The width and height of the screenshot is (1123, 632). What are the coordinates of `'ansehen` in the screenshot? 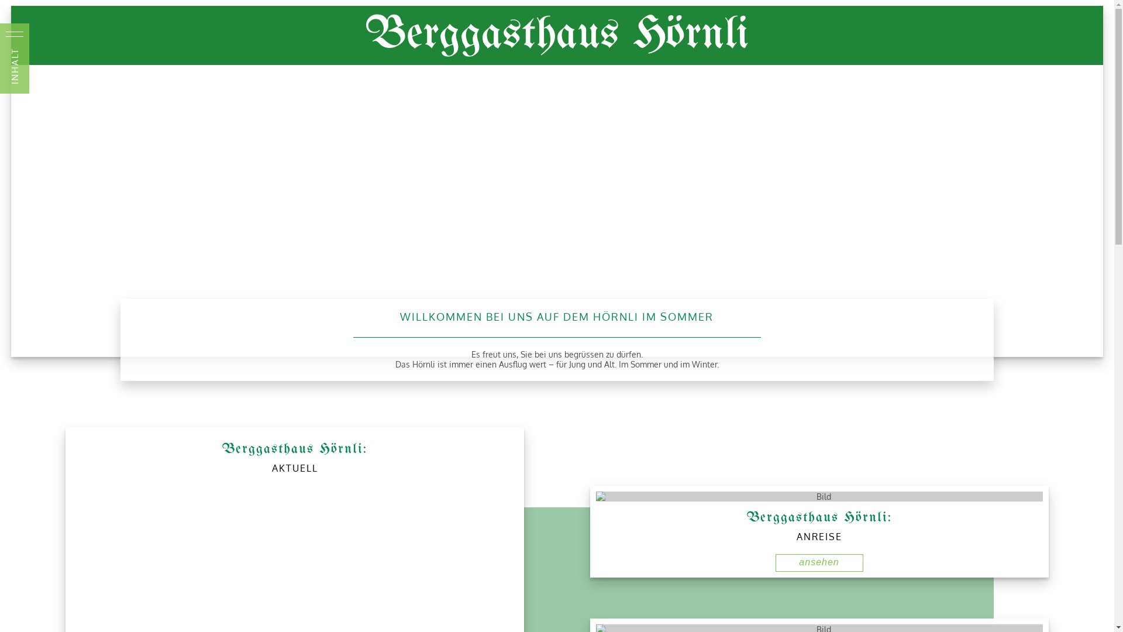 It's located at (819, 562).